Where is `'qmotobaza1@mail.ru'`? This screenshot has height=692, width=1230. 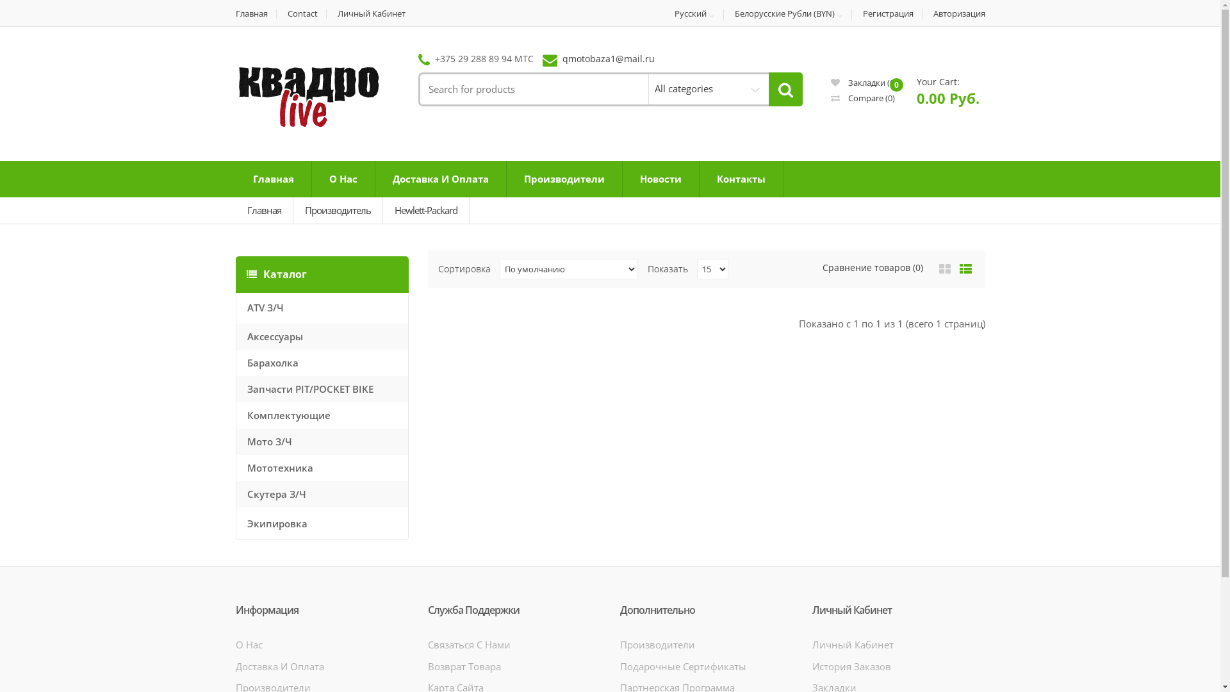 'qmotobaza1@mail.ru' is located at coordinates (562, 58).